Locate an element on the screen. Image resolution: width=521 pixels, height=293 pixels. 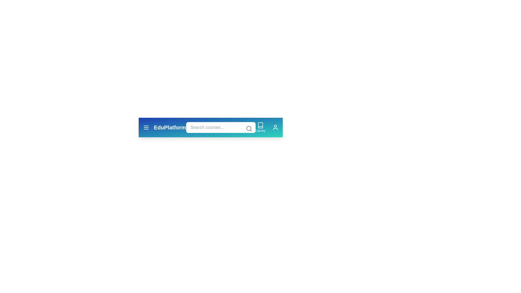
the menu icon to expand the menu is located at coordinates (146, 128).